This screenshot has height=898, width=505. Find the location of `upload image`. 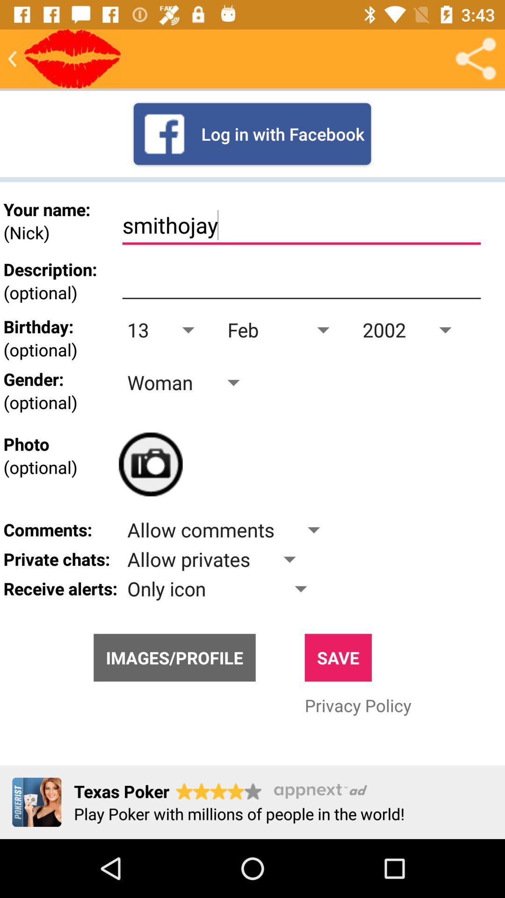

upload image is located at coordinates (150, 464).